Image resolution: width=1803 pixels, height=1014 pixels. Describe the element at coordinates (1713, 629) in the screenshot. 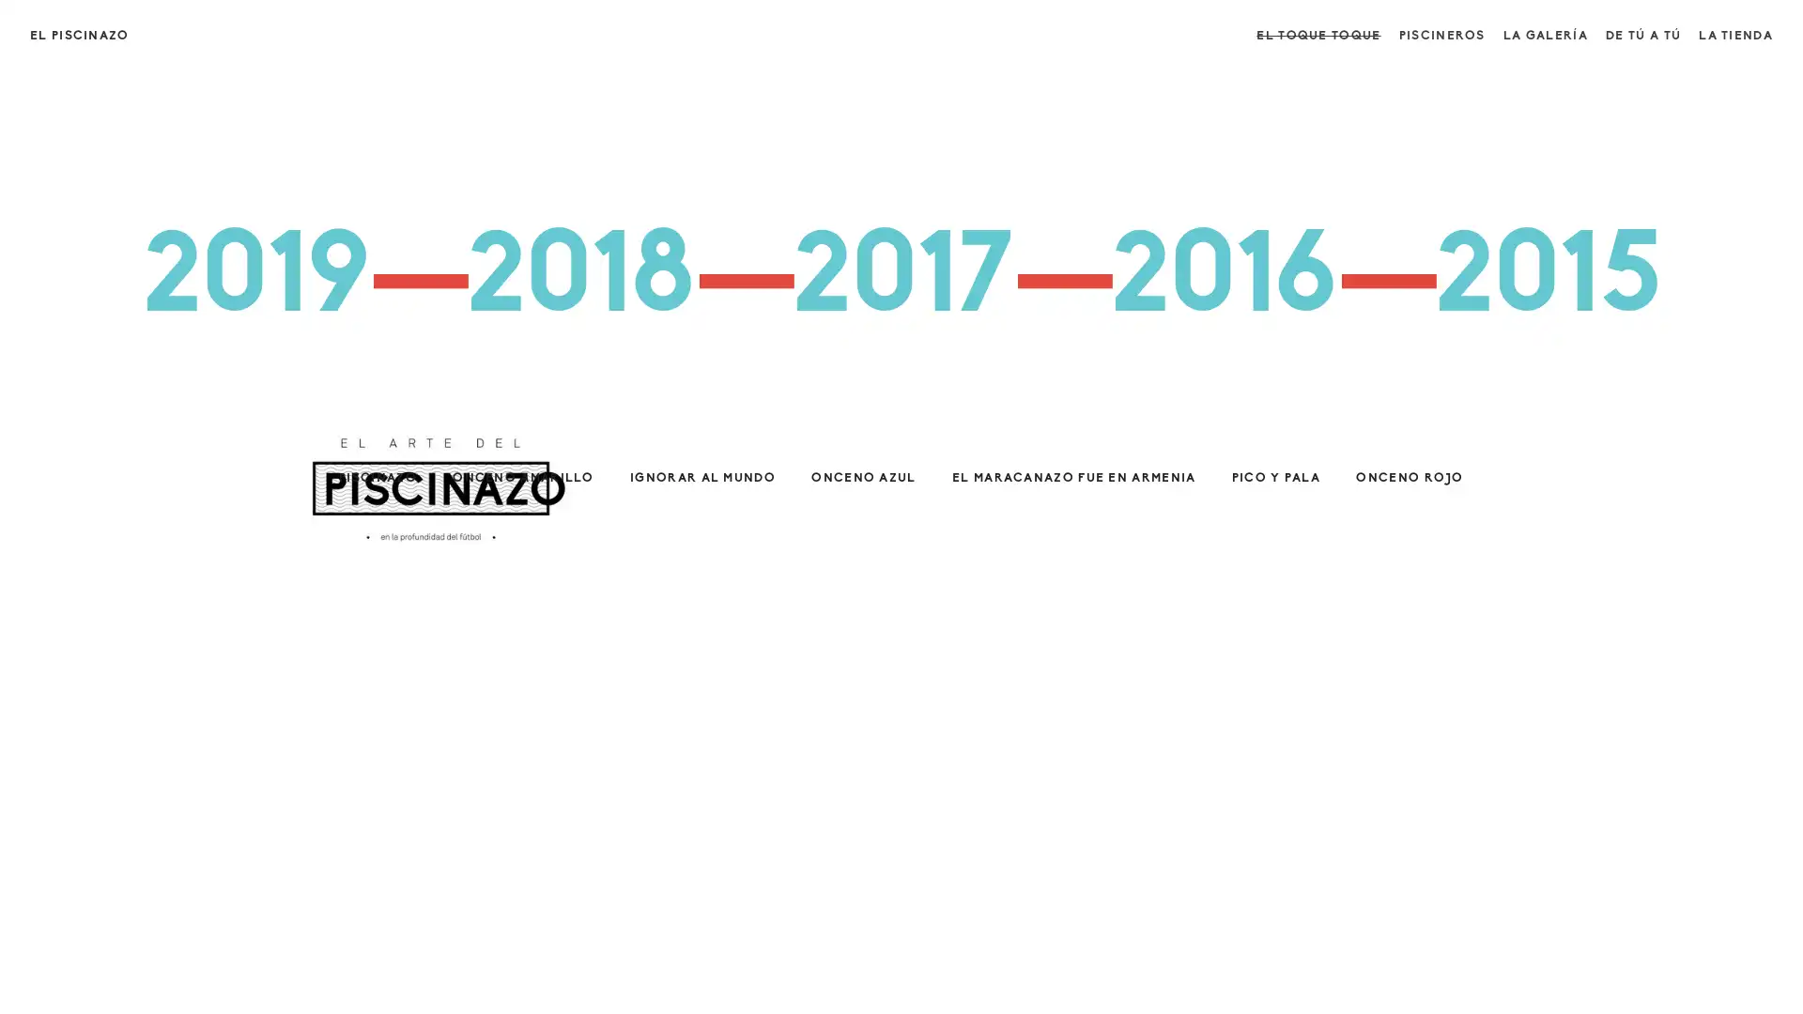

I see `Close` at that location.